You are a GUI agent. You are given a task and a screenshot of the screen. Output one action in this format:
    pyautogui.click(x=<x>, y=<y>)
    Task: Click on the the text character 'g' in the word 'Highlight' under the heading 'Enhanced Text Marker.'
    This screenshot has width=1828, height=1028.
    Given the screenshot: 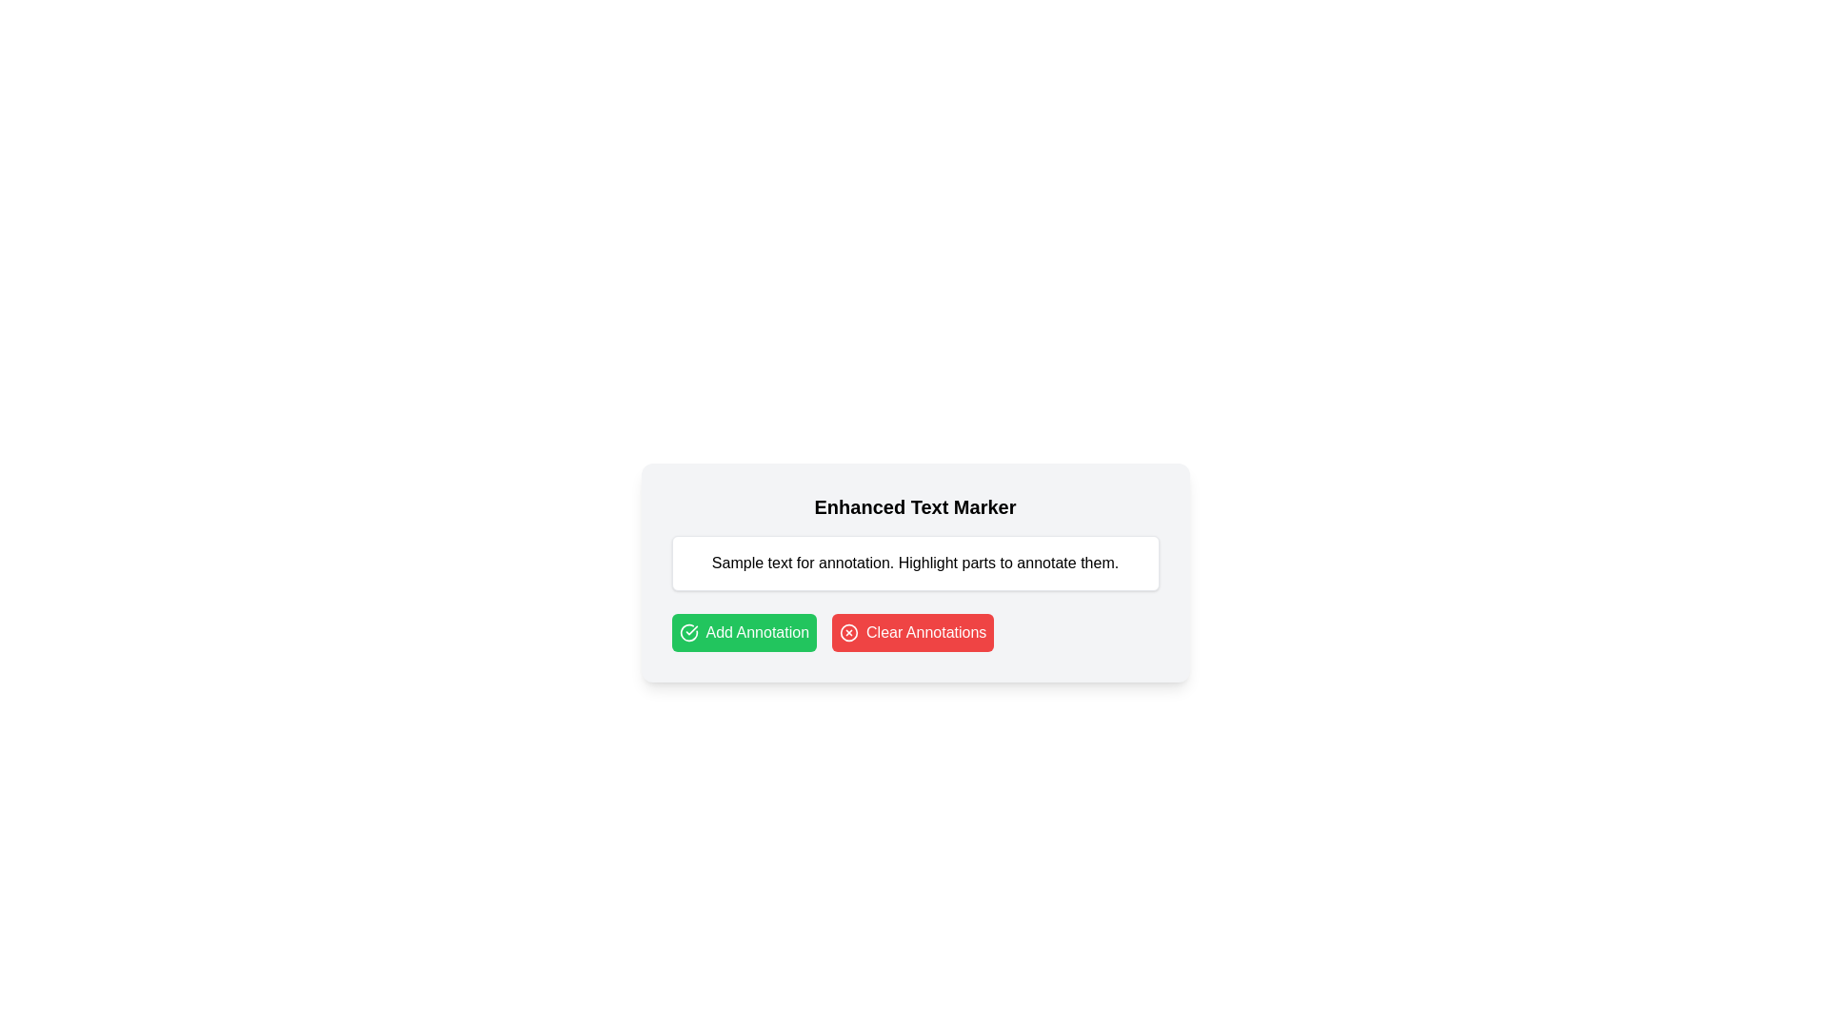 What is the action you would take?
    pyautogui.click(x=941, y=562)
    